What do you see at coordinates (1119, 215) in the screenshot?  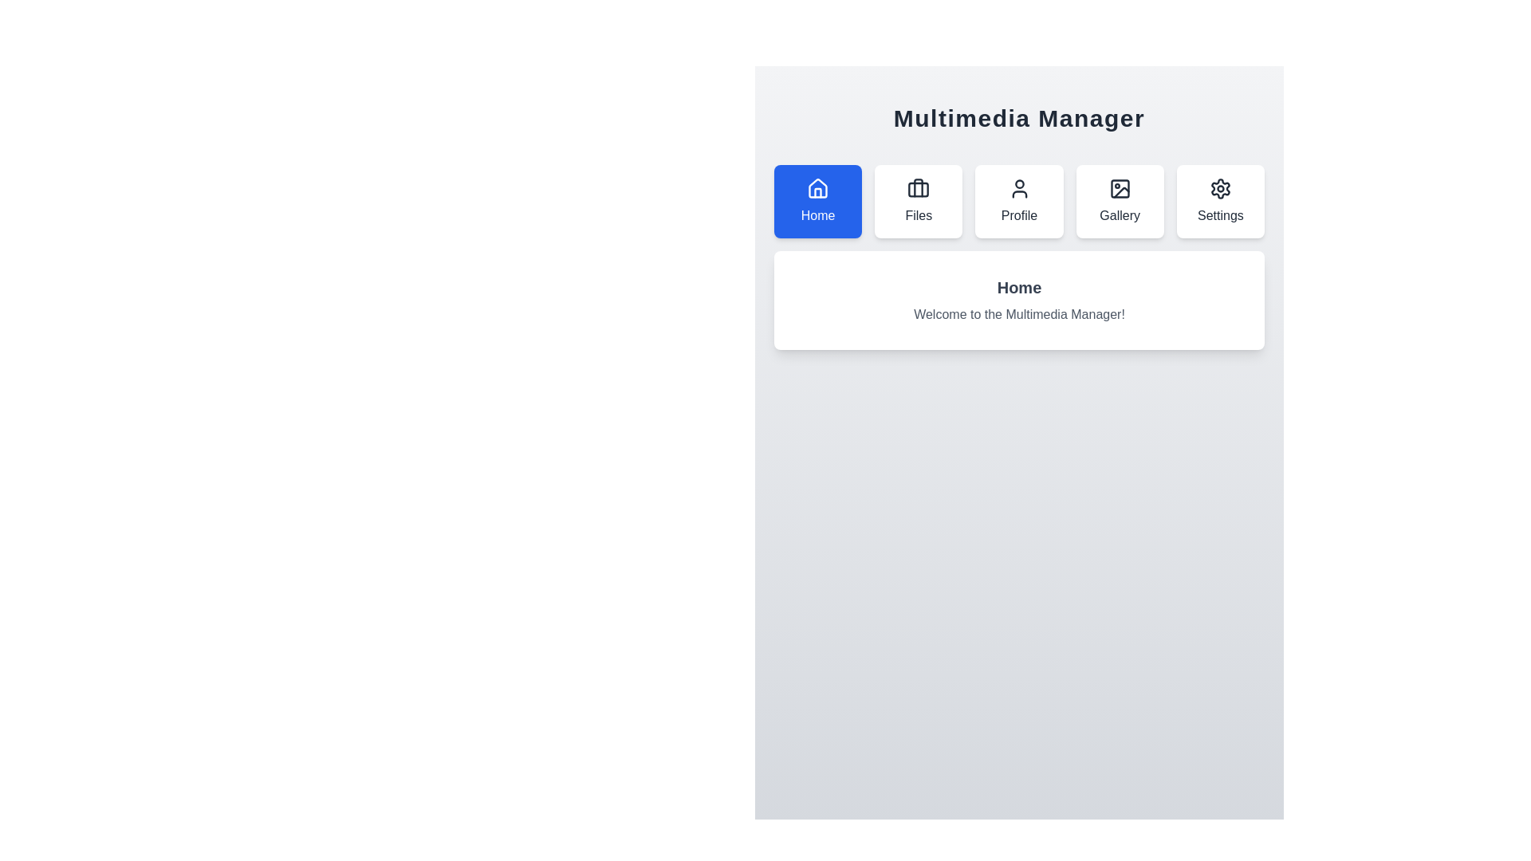 I see `text content of the 'Gallery' label located within the button in the top navigation section, which is the fourth option from the left` at bounding box center [1119, 215].